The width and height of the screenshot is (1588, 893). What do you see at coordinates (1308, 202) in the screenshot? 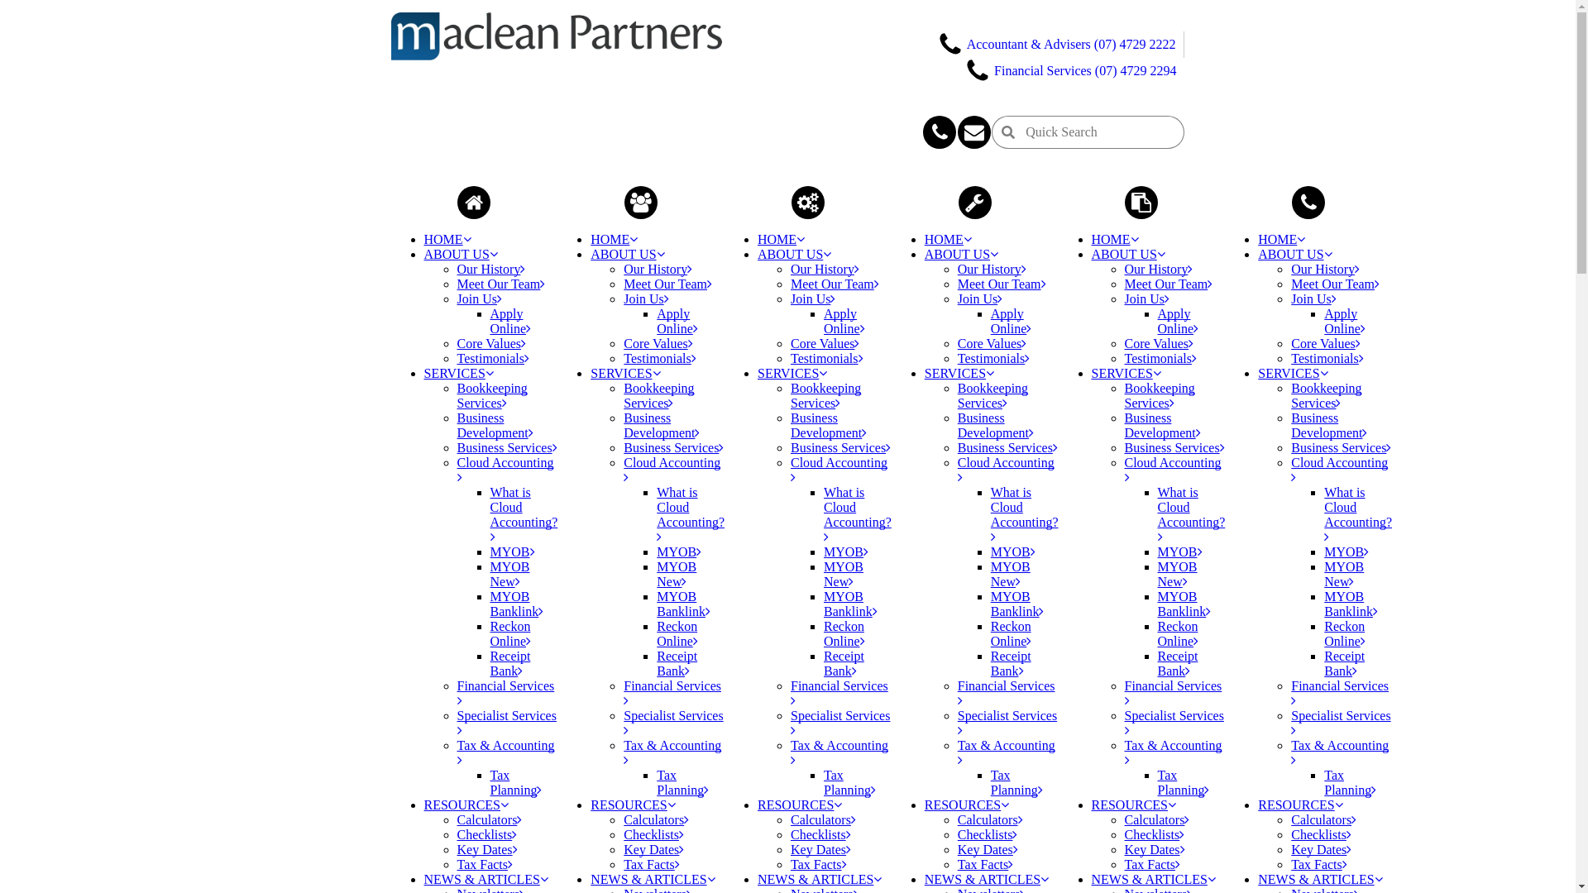
I see `'contact_maclean_partners'` at bounding box center [1308, 202].